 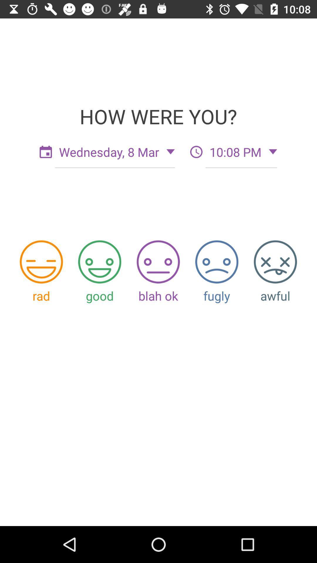 I want to click on the button is used to calender, so click(x=45, y=152).